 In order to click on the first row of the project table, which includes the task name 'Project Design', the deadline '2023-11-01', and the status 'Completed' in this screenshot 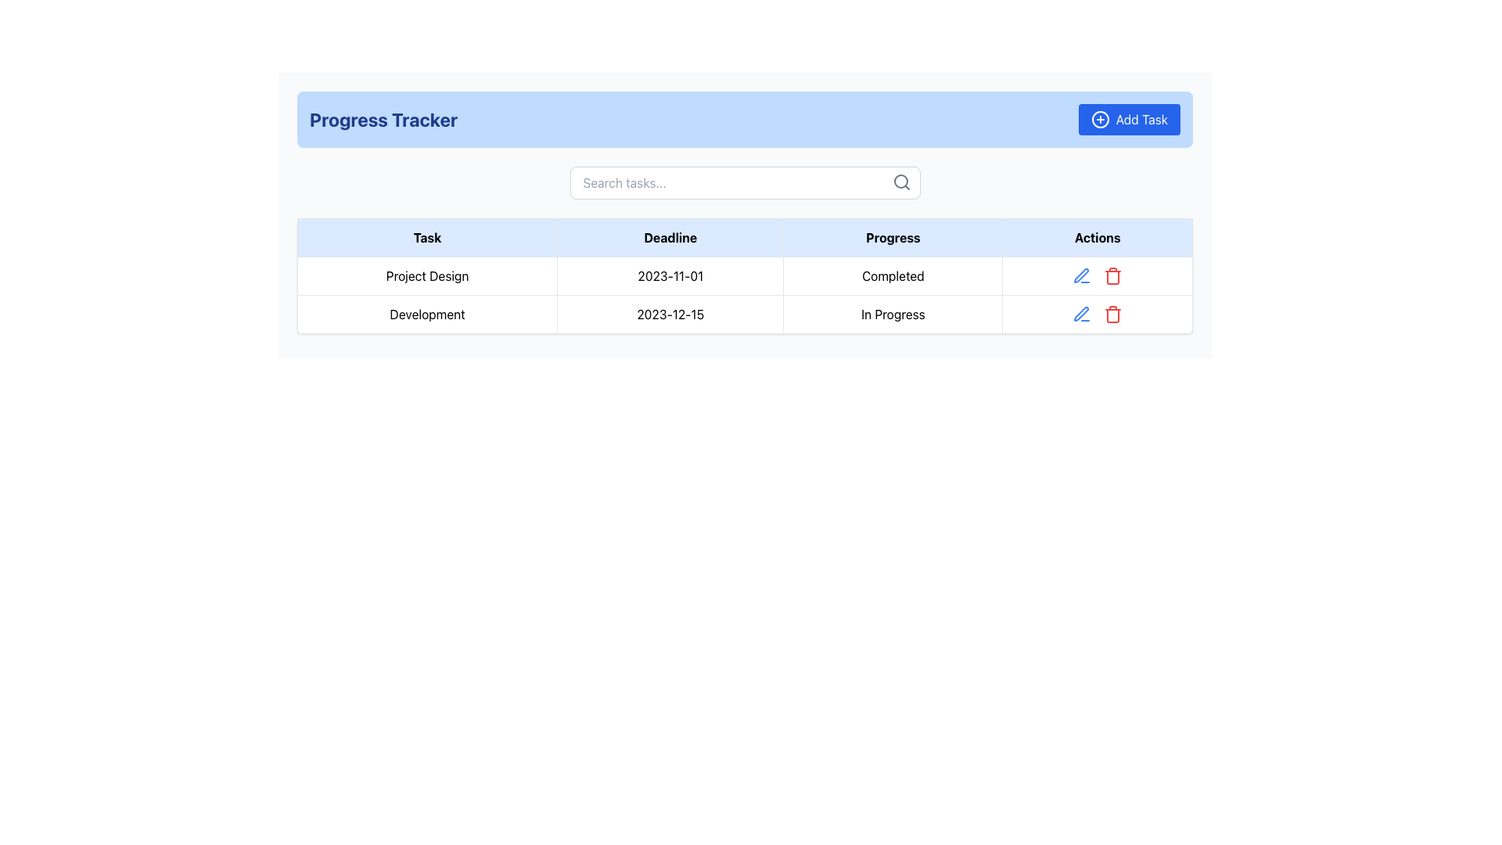, I will do `click(744, 275)`.